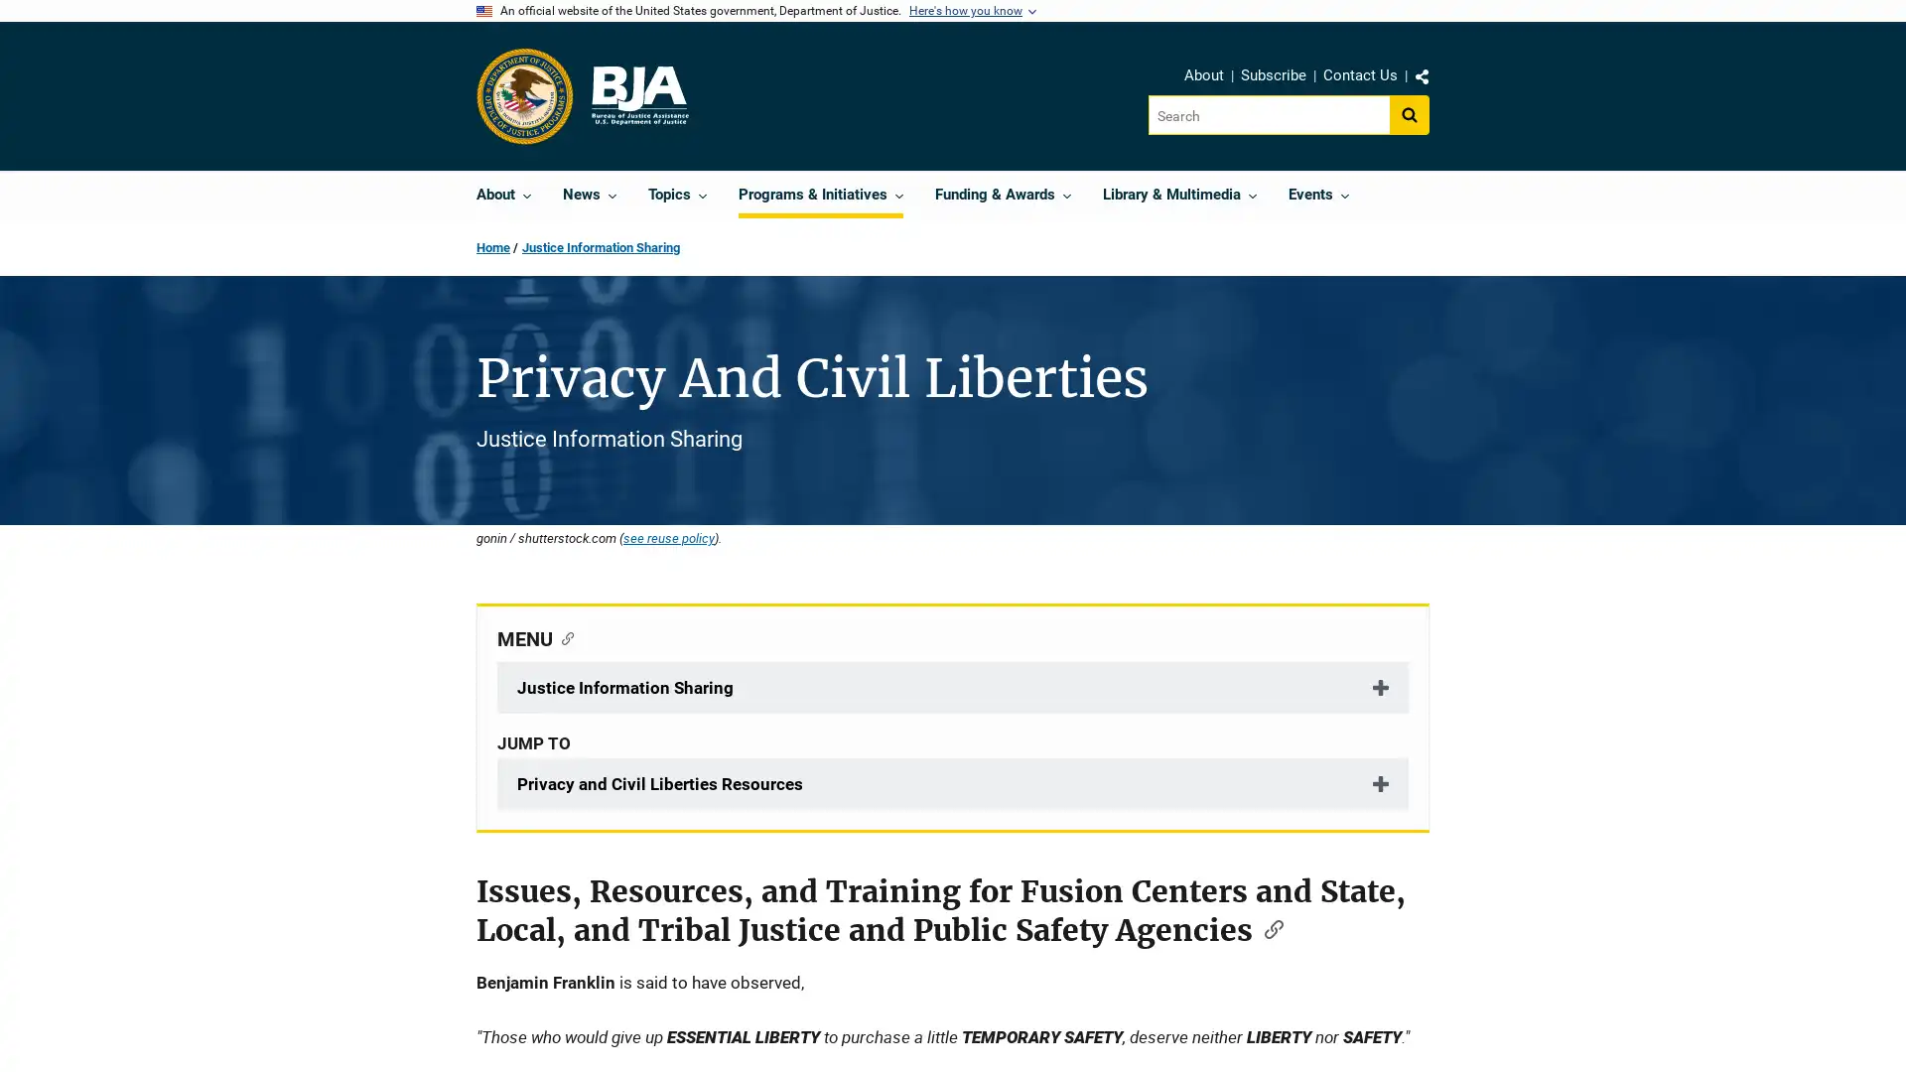 The image size is (1906, 1072). What do you see at coordinates (953, 687) in the screenshot?
I see `Justice Information Sharing` at bounding box center [953, 687].